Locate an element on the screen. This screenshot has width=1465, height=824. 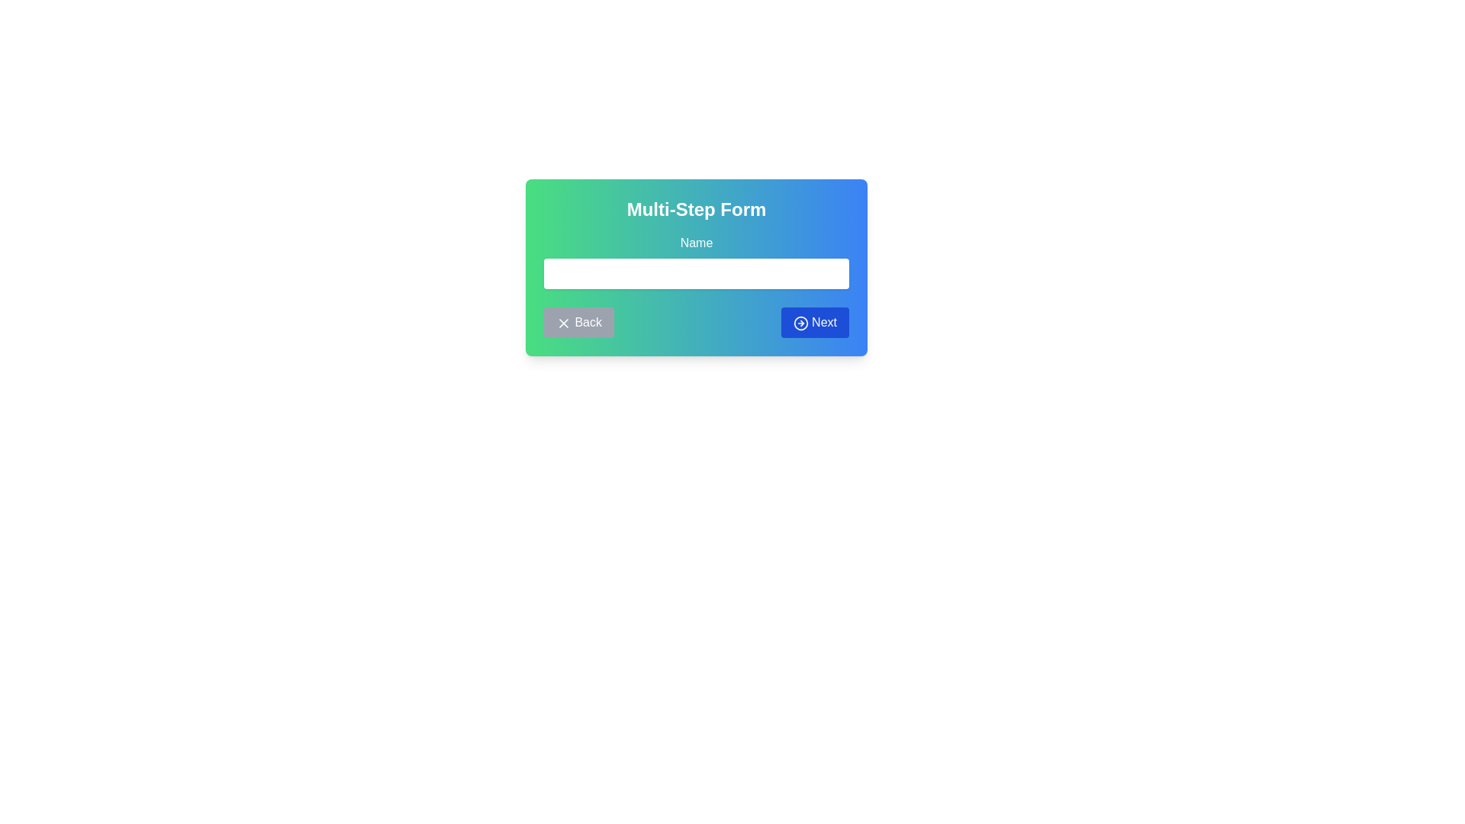
to select text in the text input field located below the 'Multi-Step Form' heading, positioned between the 'Back' and 'Next' buttons is located at coordinates (695, 261).